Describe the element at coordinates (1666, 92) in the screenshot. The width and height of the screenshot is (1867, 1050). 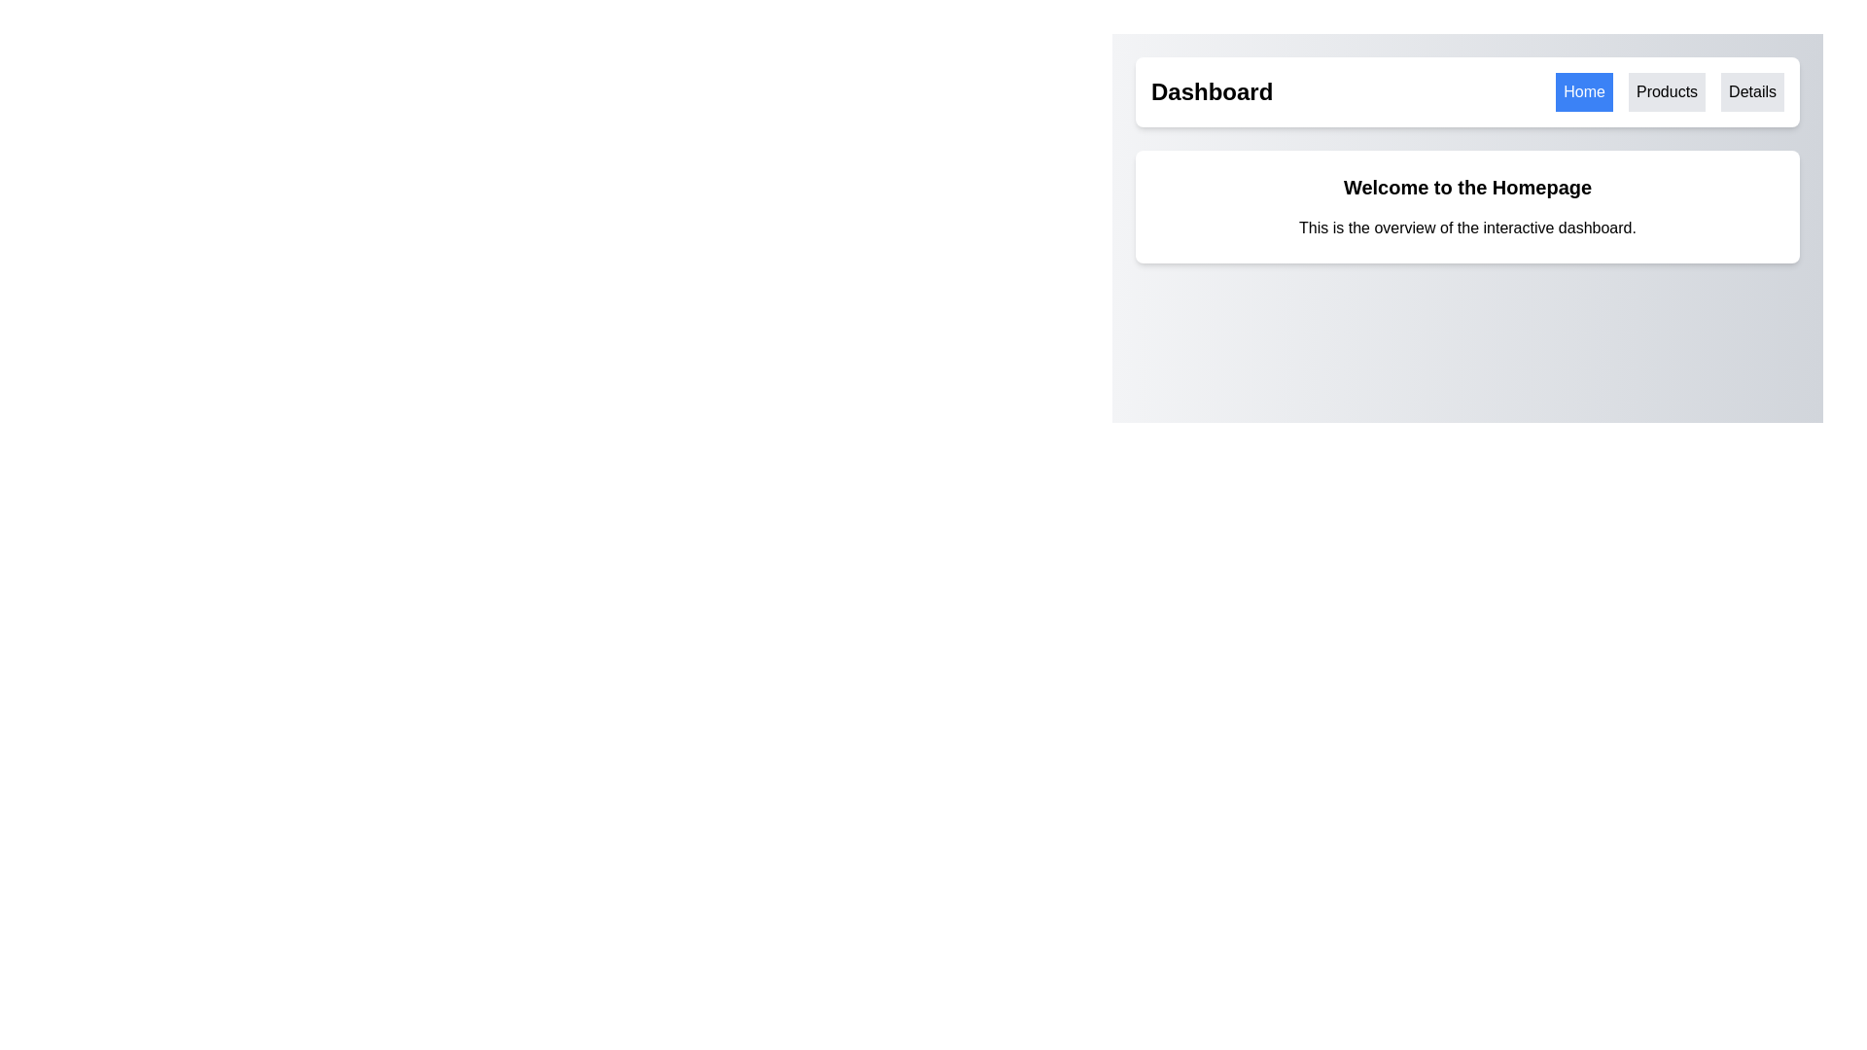
I see `the 'Products' button located in the upper navigation bar, which is the second button in a row of three options: 'Home', 'Products', and 'Details'` at that location.